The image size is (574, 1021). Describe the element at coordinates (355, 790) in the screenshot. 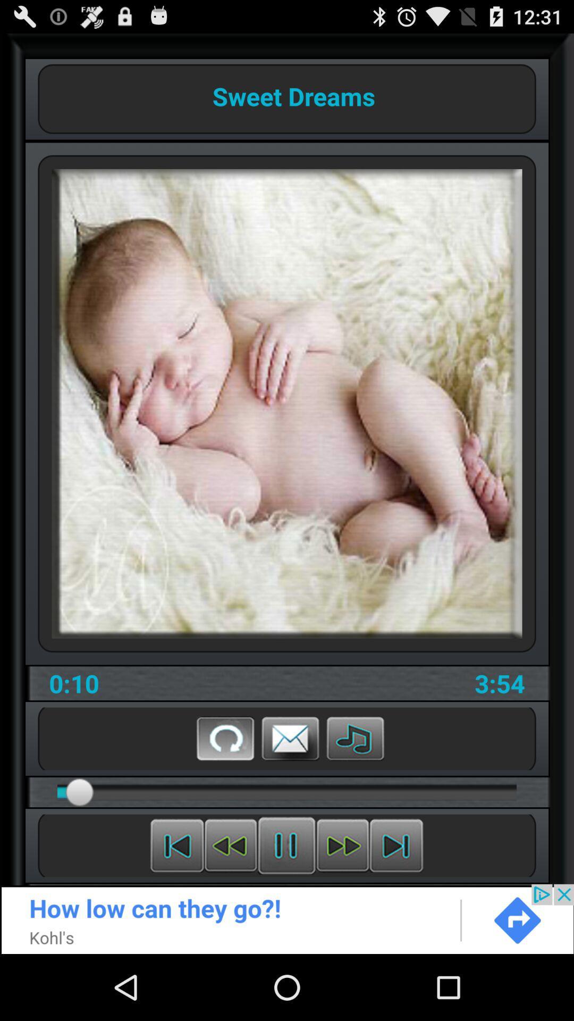

I see `the music icon` at that location.